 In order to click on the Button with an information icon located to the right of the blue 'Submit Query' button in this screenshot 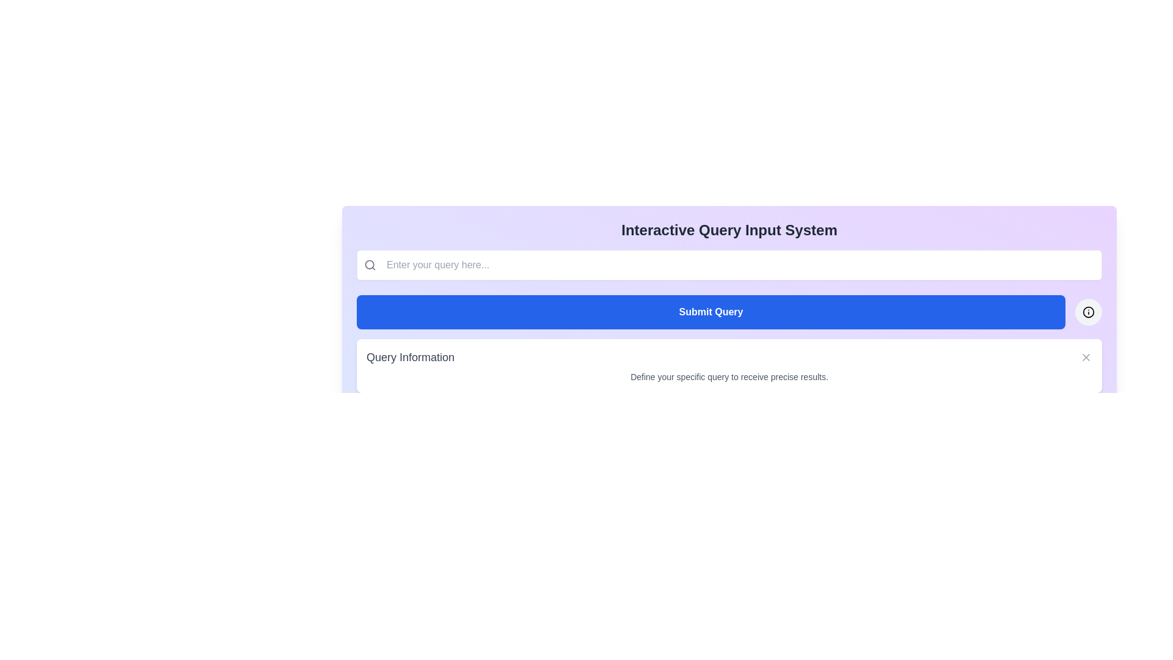, I will do `click(1088, 311)`.